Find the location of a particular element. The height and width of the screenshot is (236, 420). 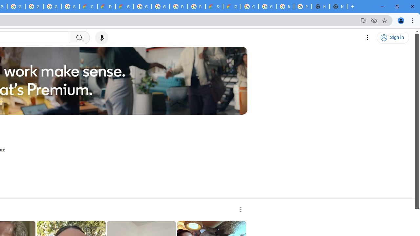

'Google Cloud Platform' is located at coordinates (142, 7).